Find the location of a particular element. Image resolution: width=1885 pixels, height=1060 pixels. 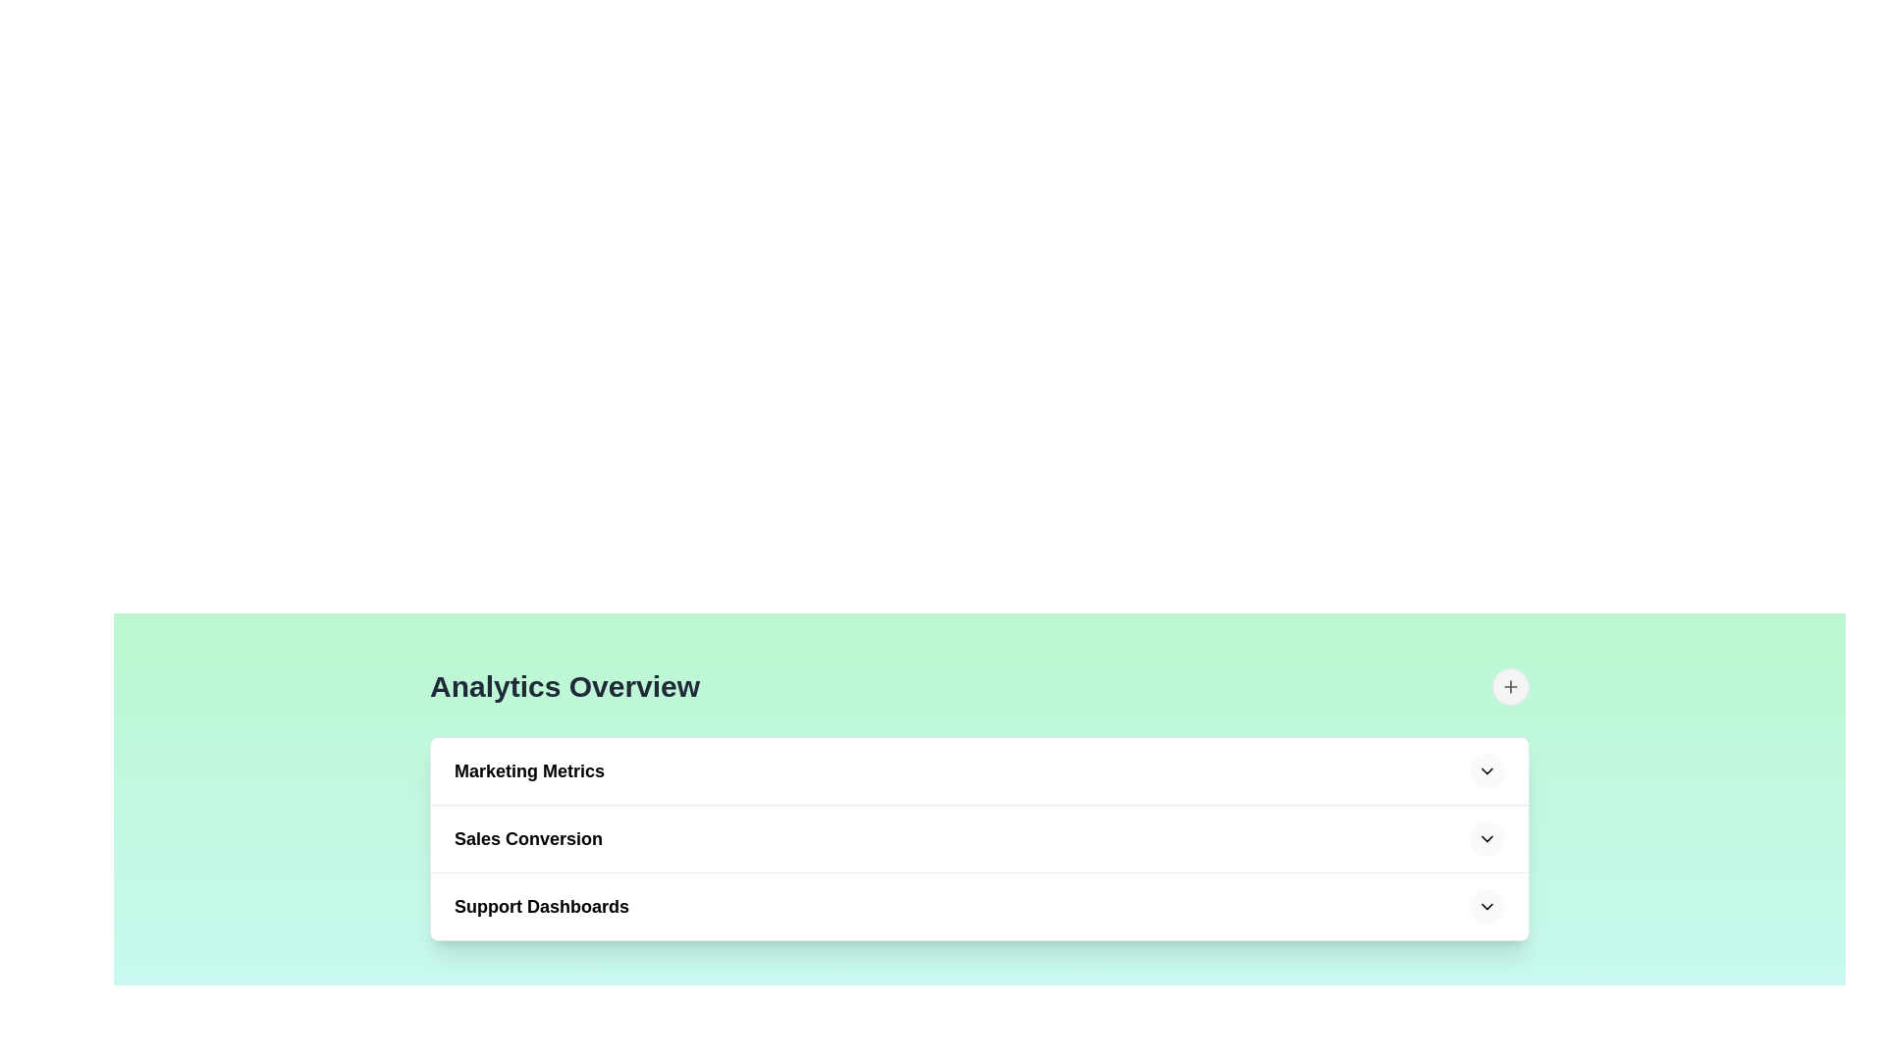

the text label titled 'Analytics Overview', which is the first item in a vertical list above 'Sales Conversion' is located at coordinates (529, 770).